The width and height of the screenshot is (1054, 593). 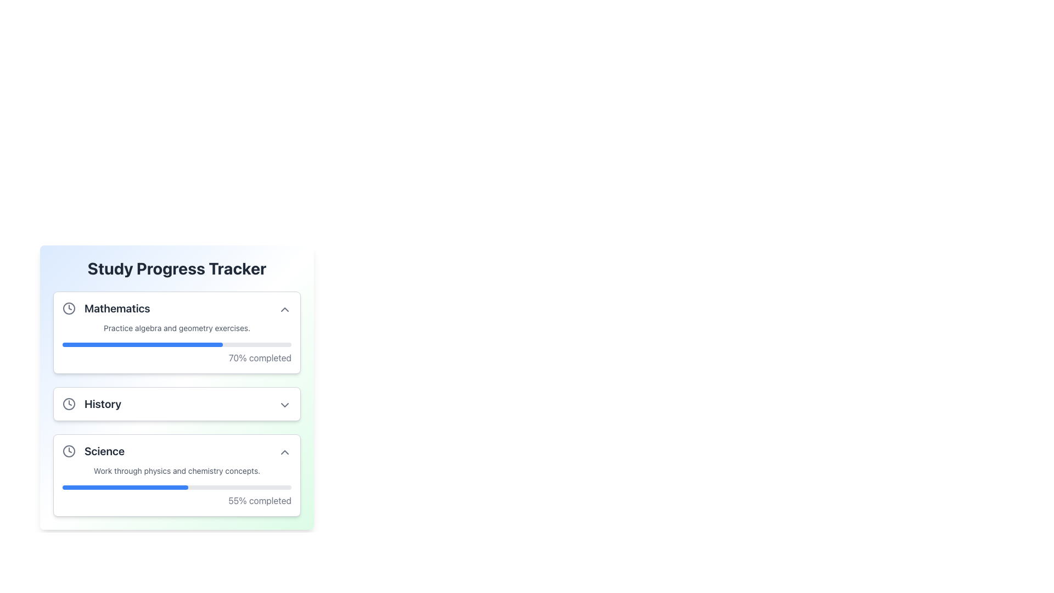 What do you see at coordinates (68, 309) in the screenshot?
I see `the clock icon associated with the 'Mathematics' section in the Study Progress Tracker card for accessibility navigation` at bounding box center [68, 309].